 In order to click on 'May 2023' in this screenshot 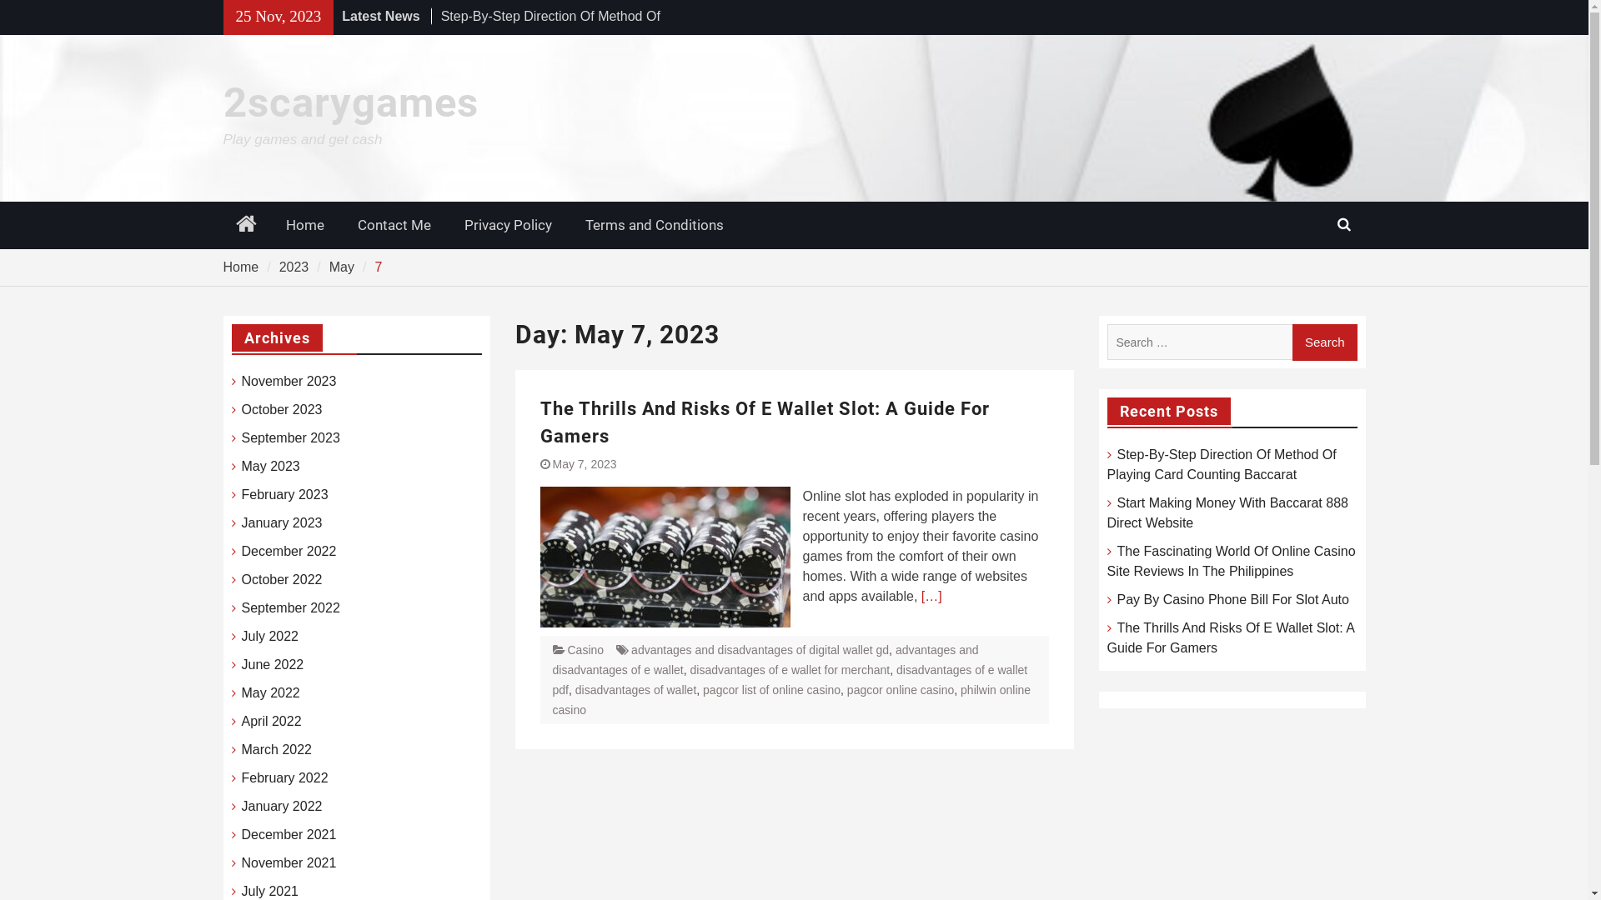, I will do `click(271, 466)`.